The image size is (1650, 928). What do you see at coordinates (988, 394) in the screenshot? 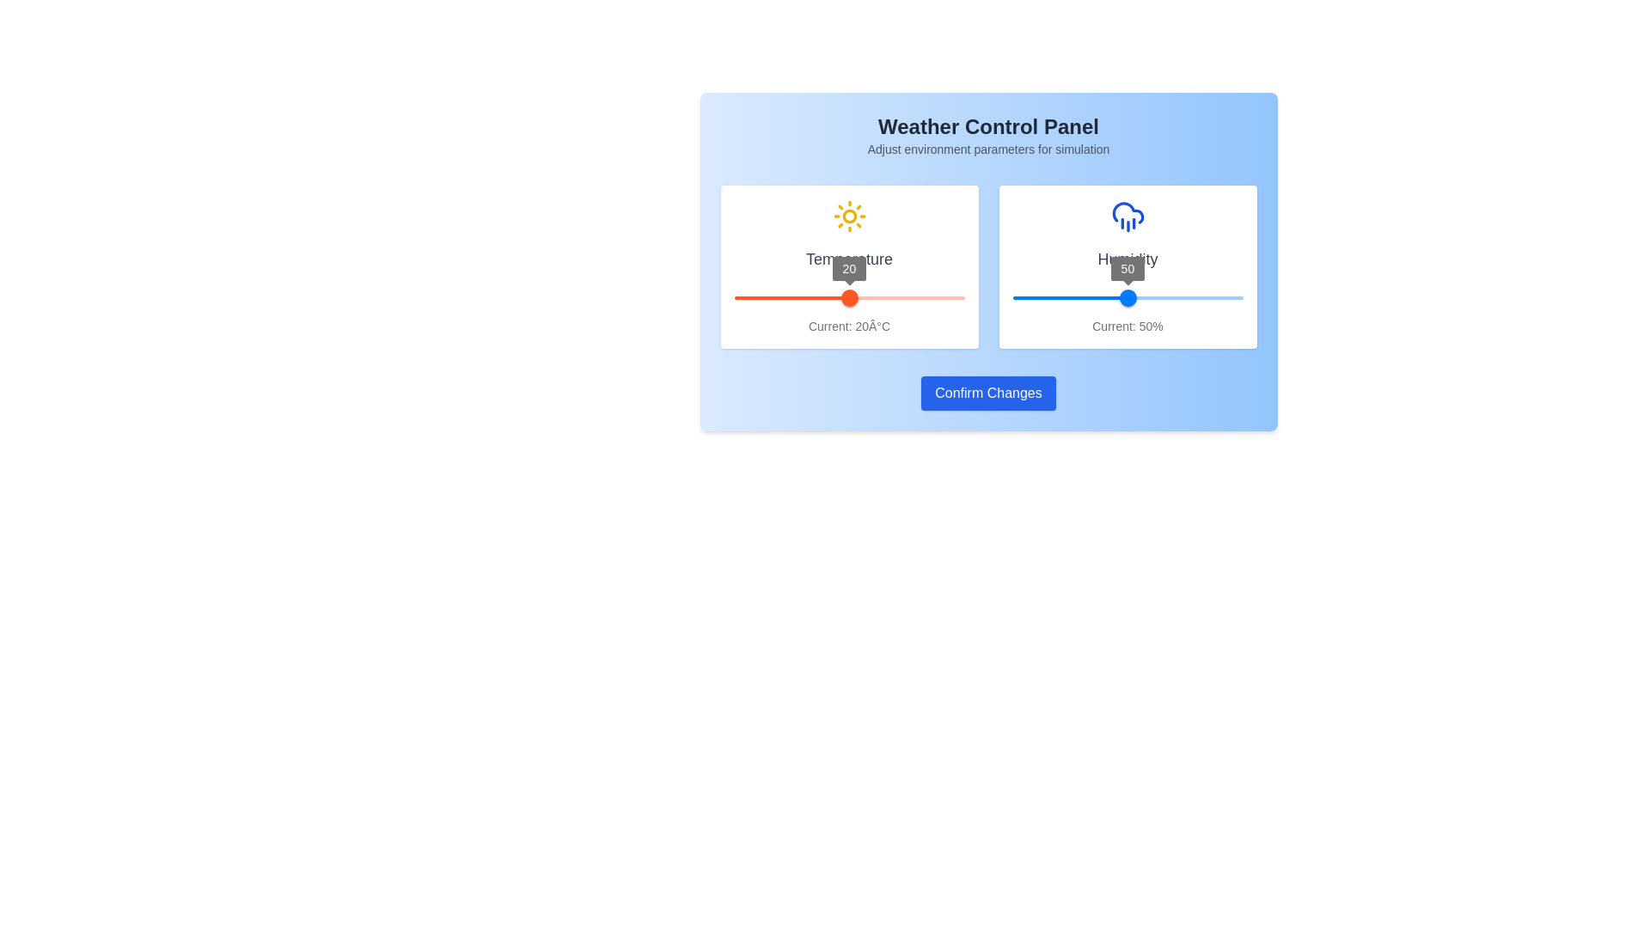
I see `the submit button located at the bottom-center of the 'Weather Control Panel' to confirm changes made to temperature or humidity parameters` at bounding box center [988, 394].